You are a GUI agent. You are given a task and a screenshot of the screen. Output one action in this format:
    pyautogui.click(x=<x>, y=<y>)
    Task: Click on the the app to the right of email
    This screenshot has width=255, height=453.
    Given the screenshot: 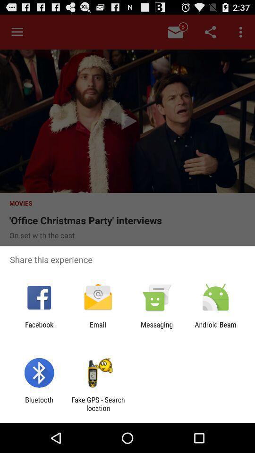 What is the action you would take?
    pyautogui.click(x=157, y=328)
    